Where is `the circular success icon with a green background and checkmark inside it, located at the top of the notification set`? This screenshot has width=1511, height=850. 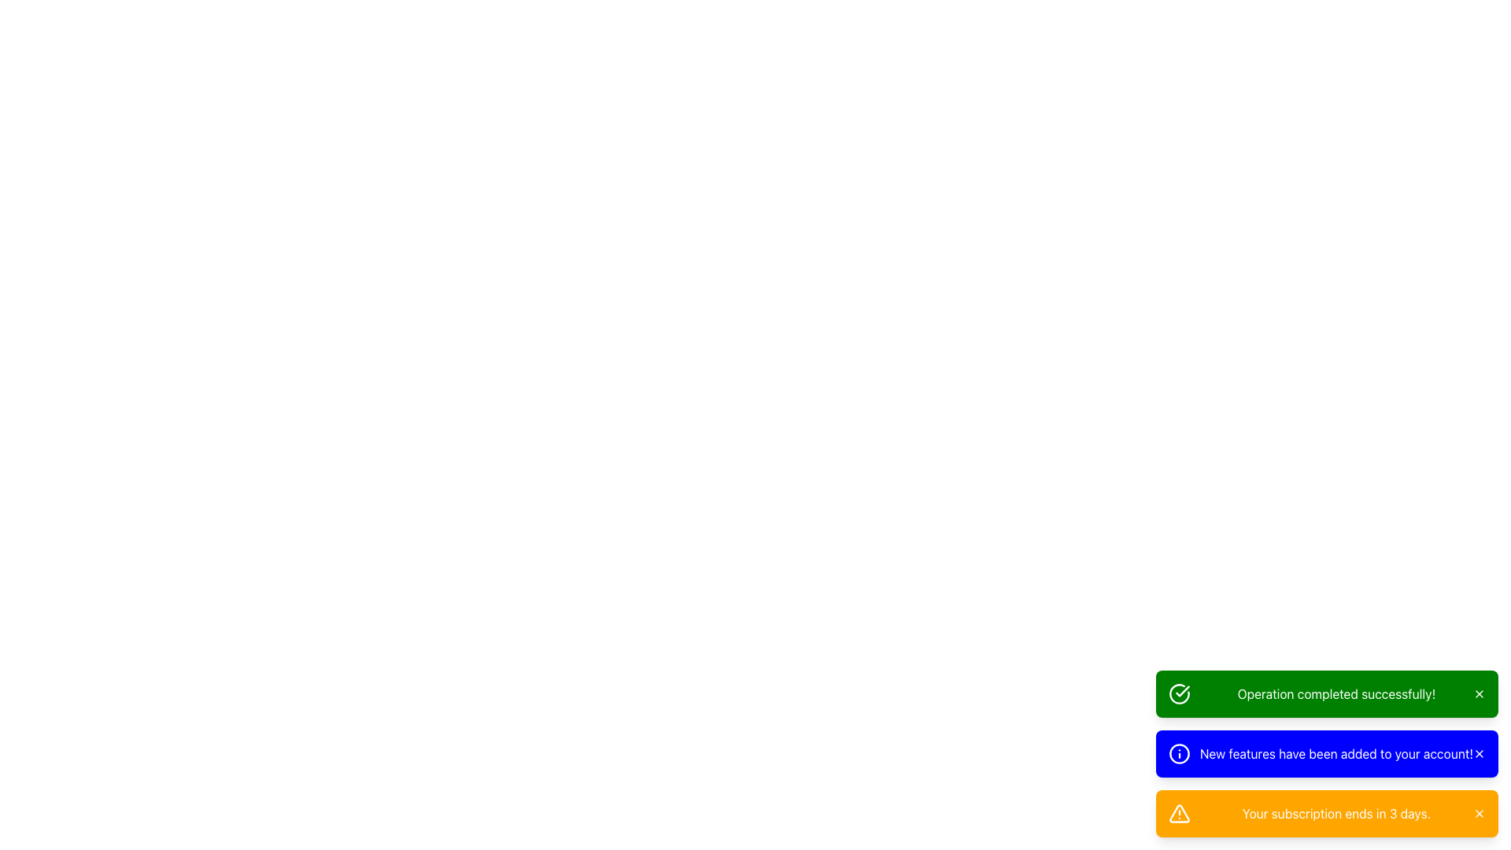
the circular success icon with a green background and checkmark inside it, located at the top of the notification set is located at coordinates (1179, 693).